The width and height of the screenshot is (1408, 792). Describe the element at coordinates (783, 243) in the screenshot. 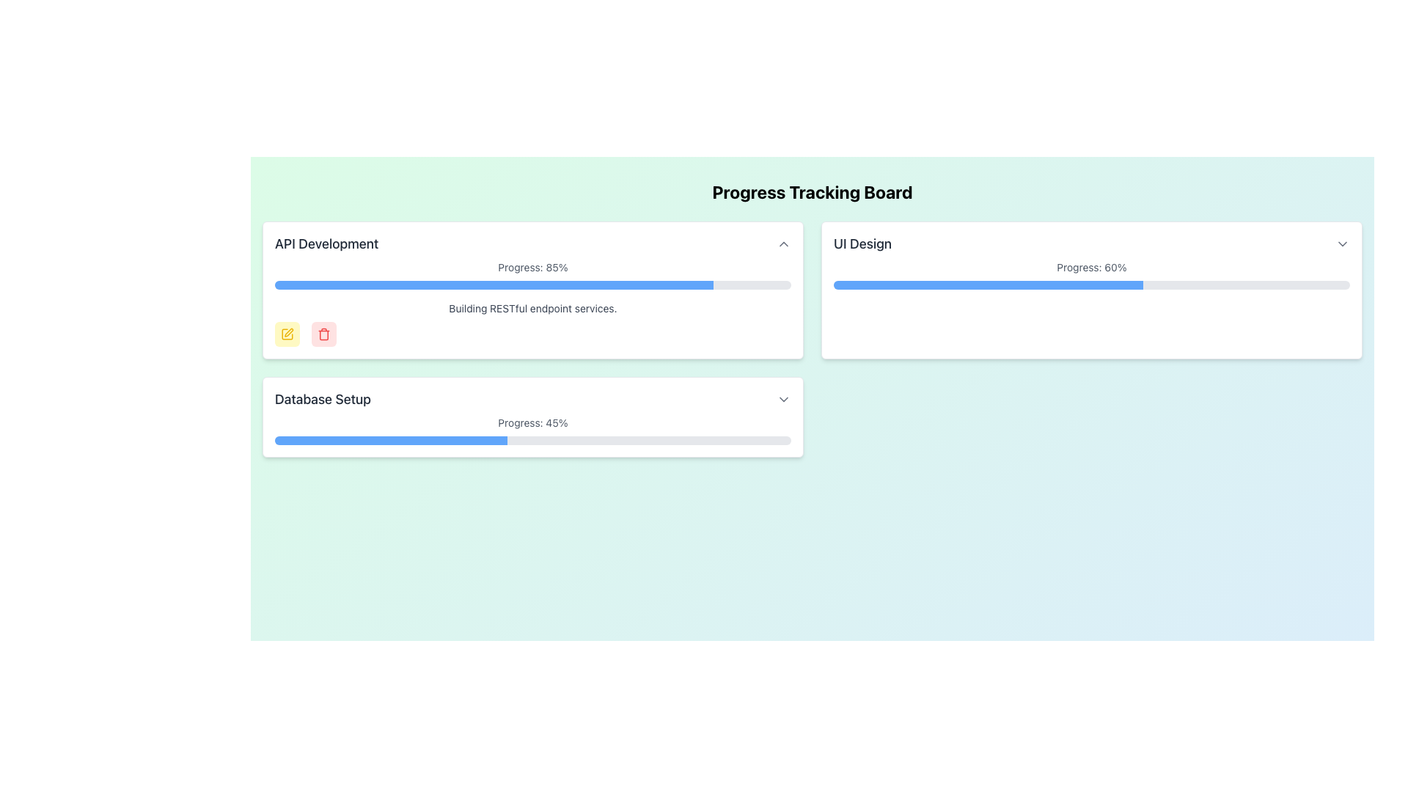

I see `the upward-pointing chevron icon in gray located in the top-right corner of the 'API Development' section` at that location.